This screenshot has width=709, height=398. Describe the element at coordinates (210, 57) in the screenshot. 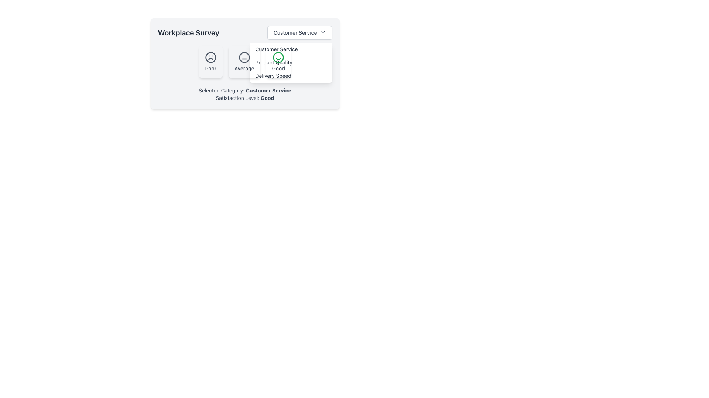

I see `the sad face icon` at that location.